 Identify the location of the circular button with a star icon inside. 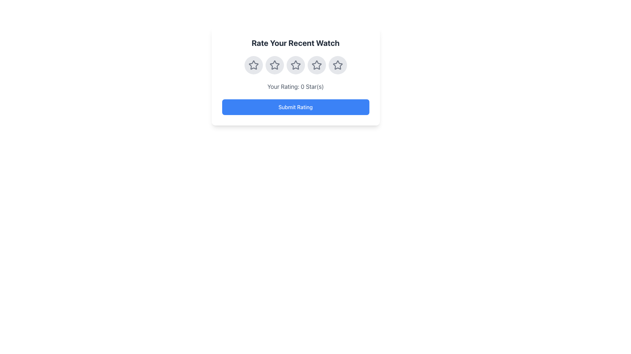
(316, 65).